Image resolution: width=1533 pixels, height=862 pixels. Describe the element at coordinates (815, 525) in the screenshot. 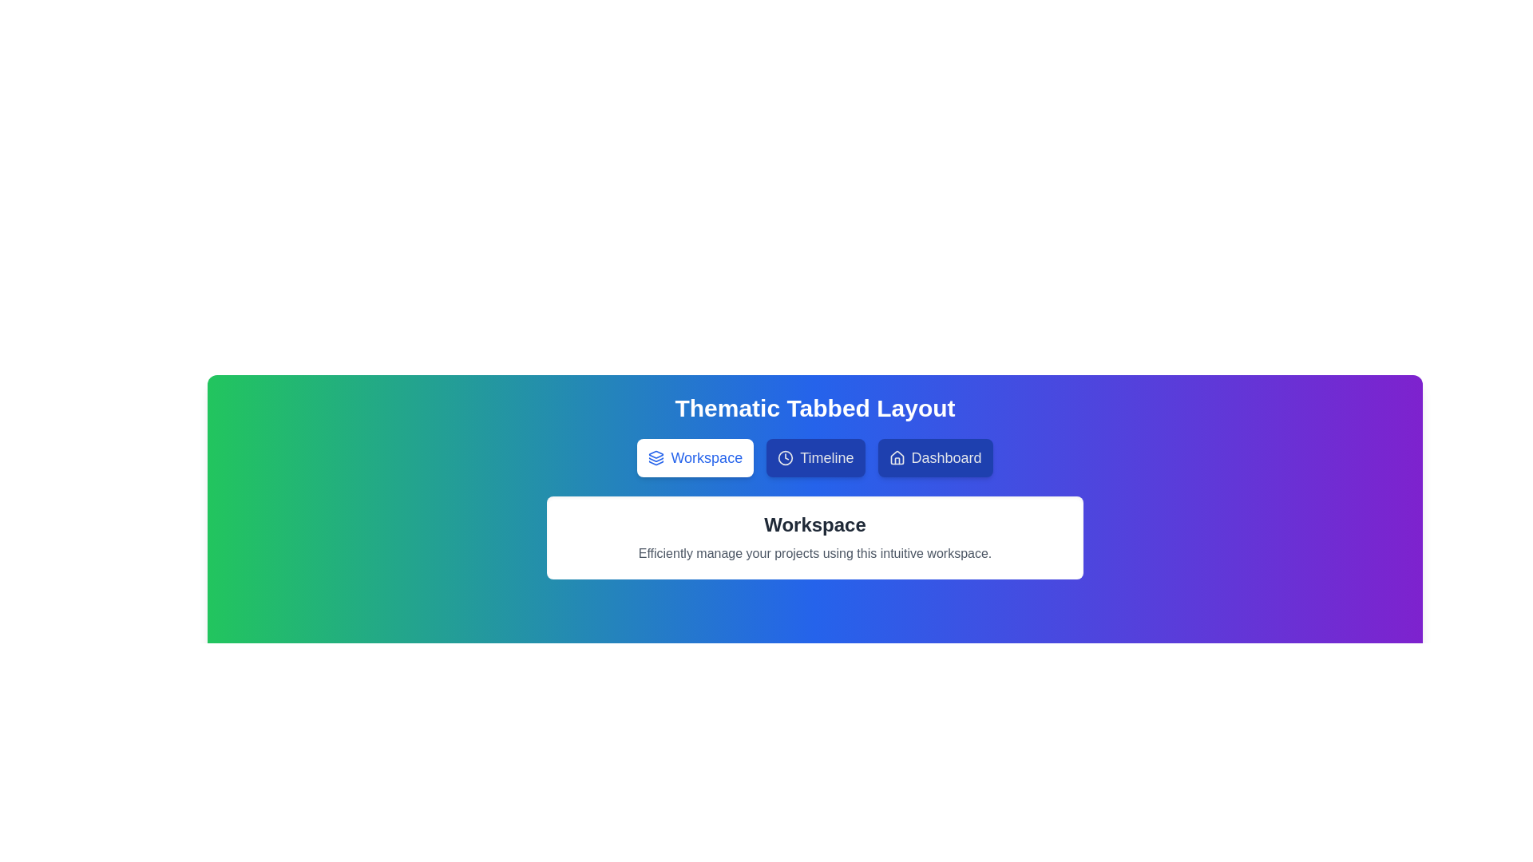

I see `the bold 'Workspace' header text, which is the main heading in a white box against a gradient background` at that location.